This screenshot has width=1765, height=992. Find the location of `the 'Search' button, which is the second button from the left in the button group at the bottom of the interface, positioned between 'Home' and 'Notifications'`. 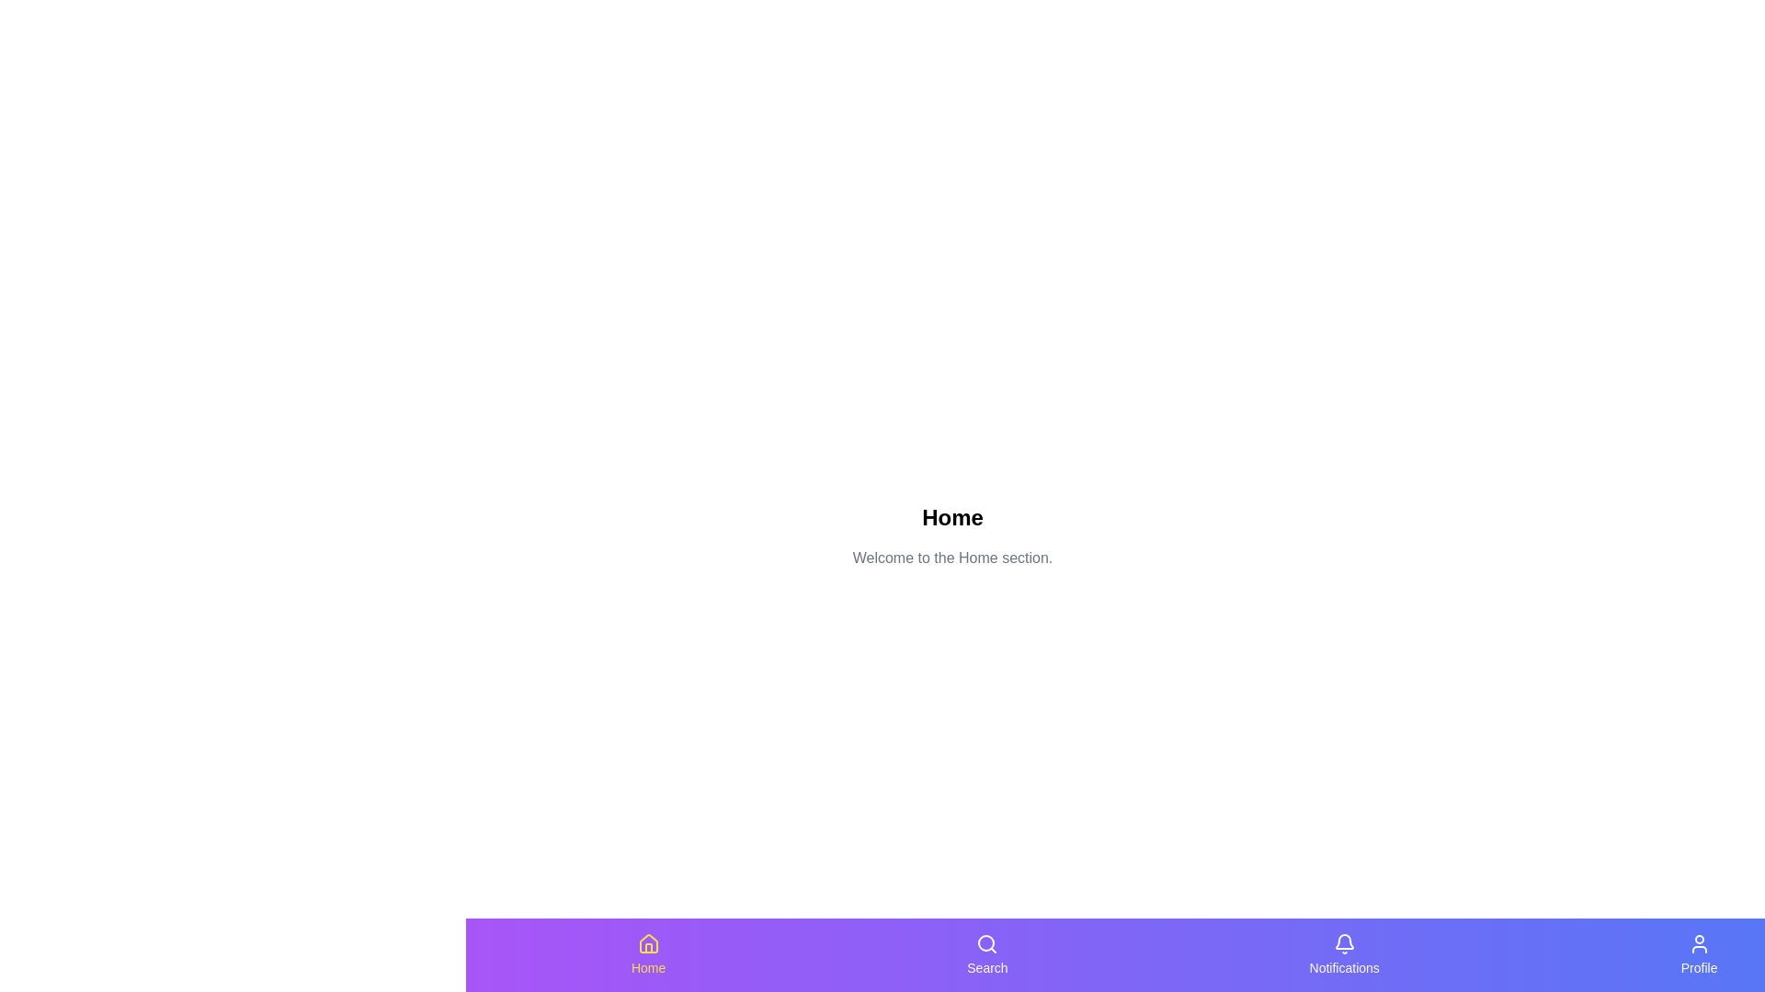

the 'Search' button, which is the second button from the left in the button group at the bottom of the interface, positioned between 'Home' and 'Notifications' is located at coordinates (986, 954).